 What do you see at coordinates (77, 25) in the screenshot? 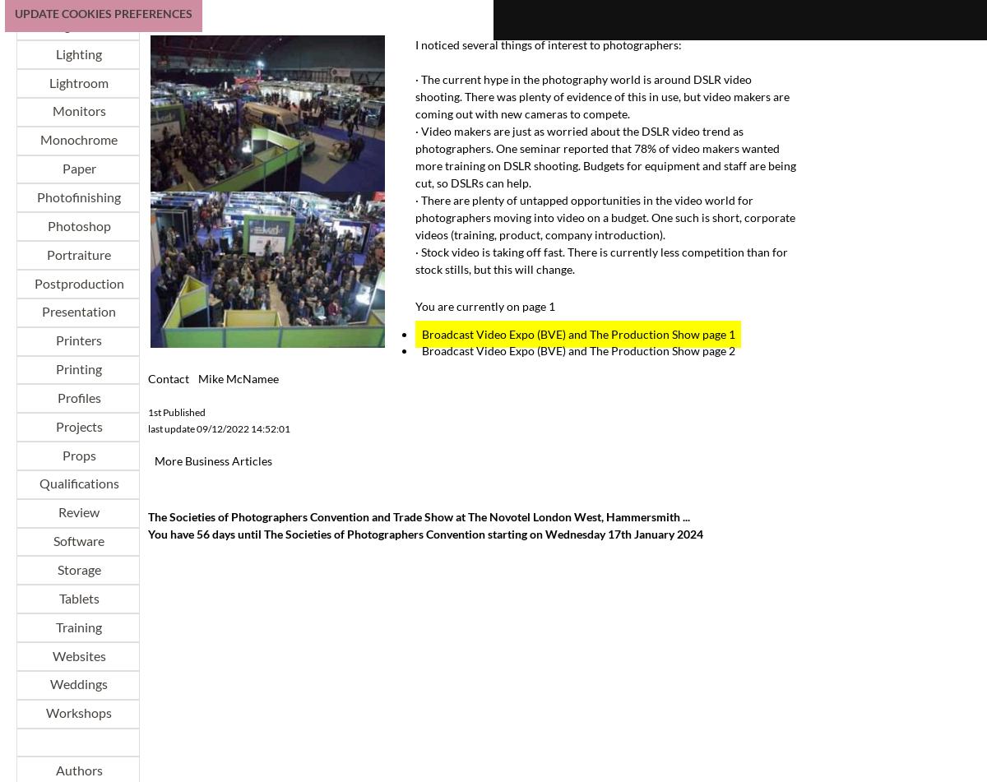
I see `'Lightbox'` at bounding box center [77, 25].